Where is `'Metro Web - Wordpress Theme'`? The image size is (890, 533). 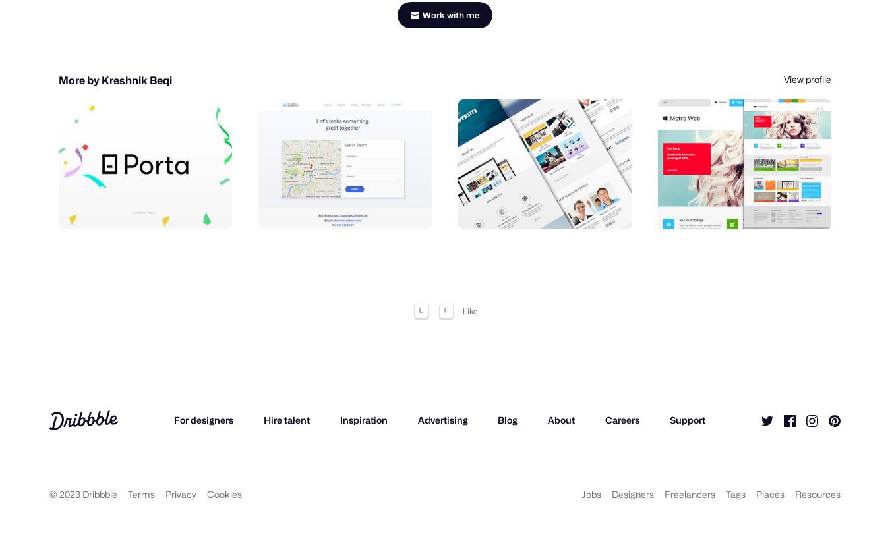
'Metro Web - Wordpress Theme' is located at coordinates (738, 185).